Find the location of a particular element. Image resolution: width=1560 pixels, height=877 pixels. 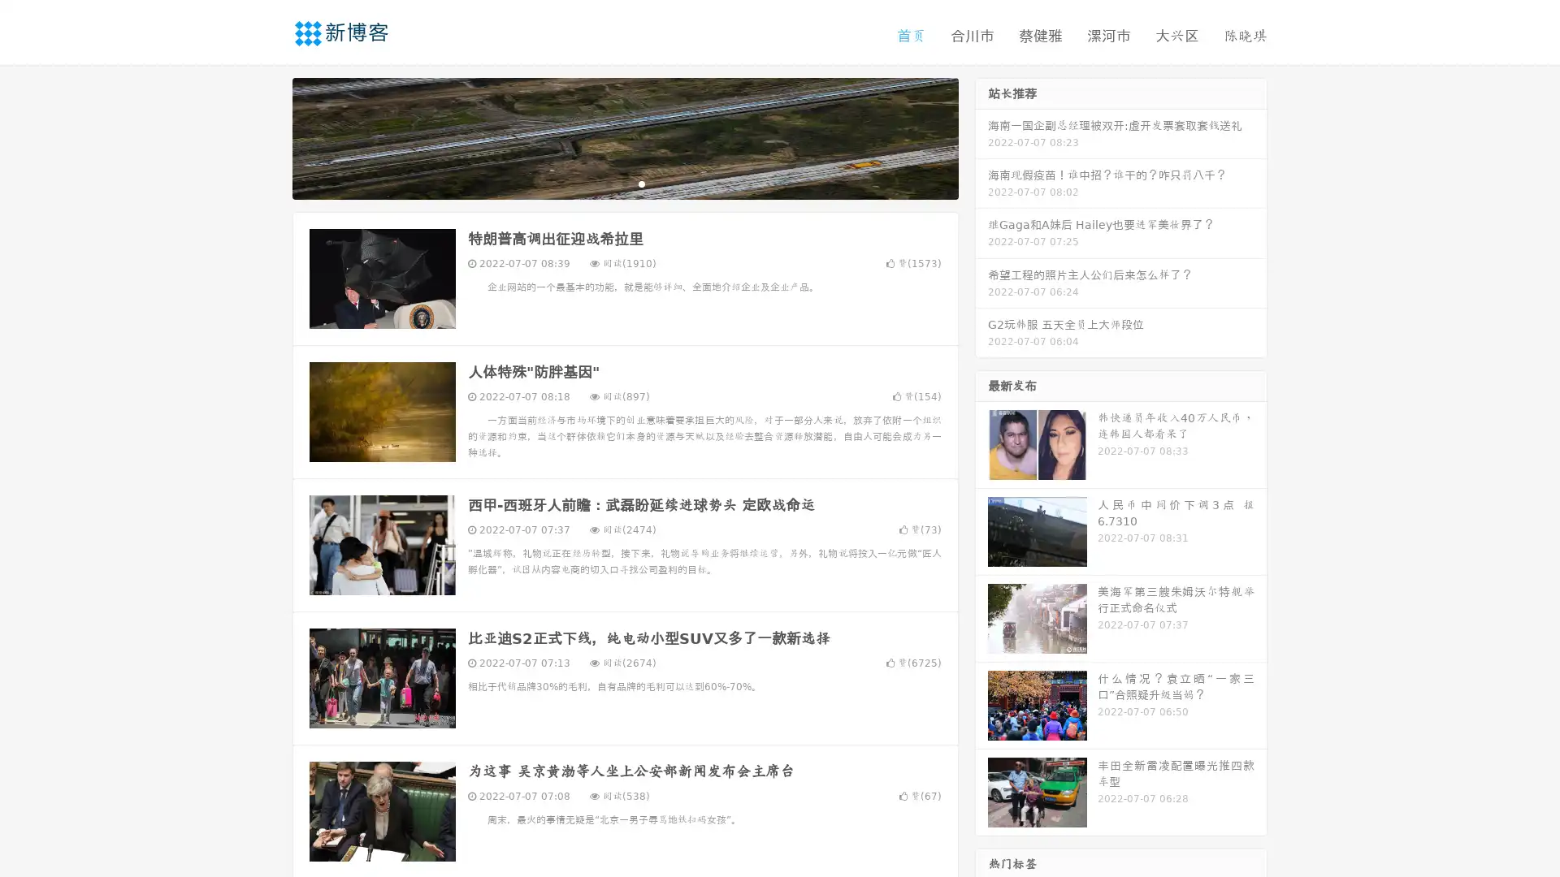

Previous slide is located at coordinates (268, 136).